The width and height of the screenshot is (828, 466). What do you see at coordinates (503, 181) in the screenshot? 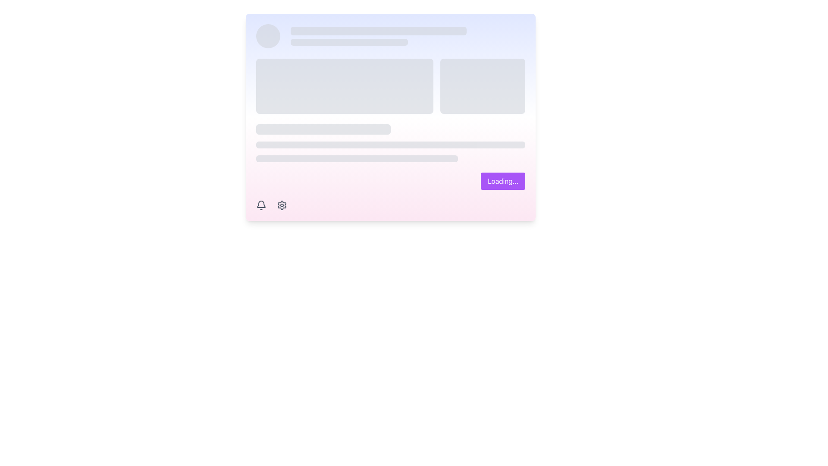
I see `the rectangular button with a purple background and rounded edges containing the text 'Loading...'` at bounding box center [503, 181].